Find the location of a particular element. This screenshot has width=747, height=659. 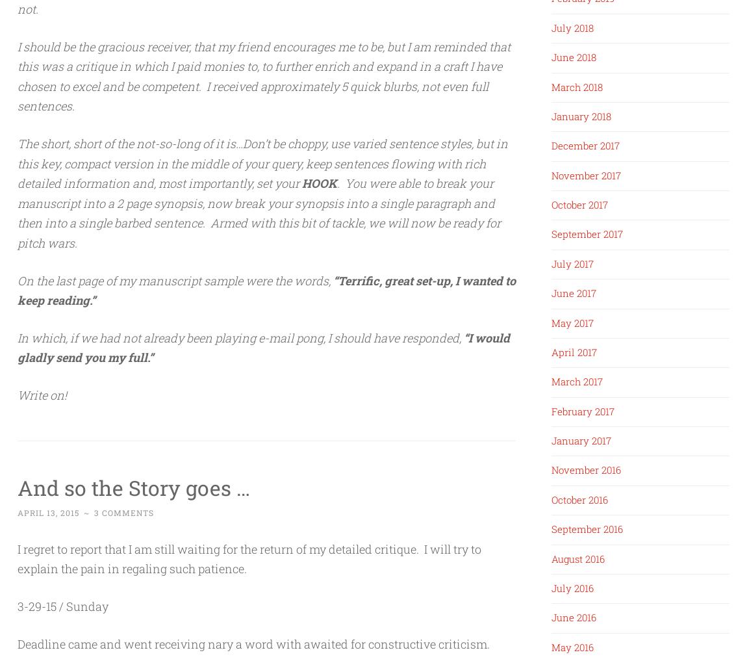

'HOOK' is located at coordinates (319, 183).